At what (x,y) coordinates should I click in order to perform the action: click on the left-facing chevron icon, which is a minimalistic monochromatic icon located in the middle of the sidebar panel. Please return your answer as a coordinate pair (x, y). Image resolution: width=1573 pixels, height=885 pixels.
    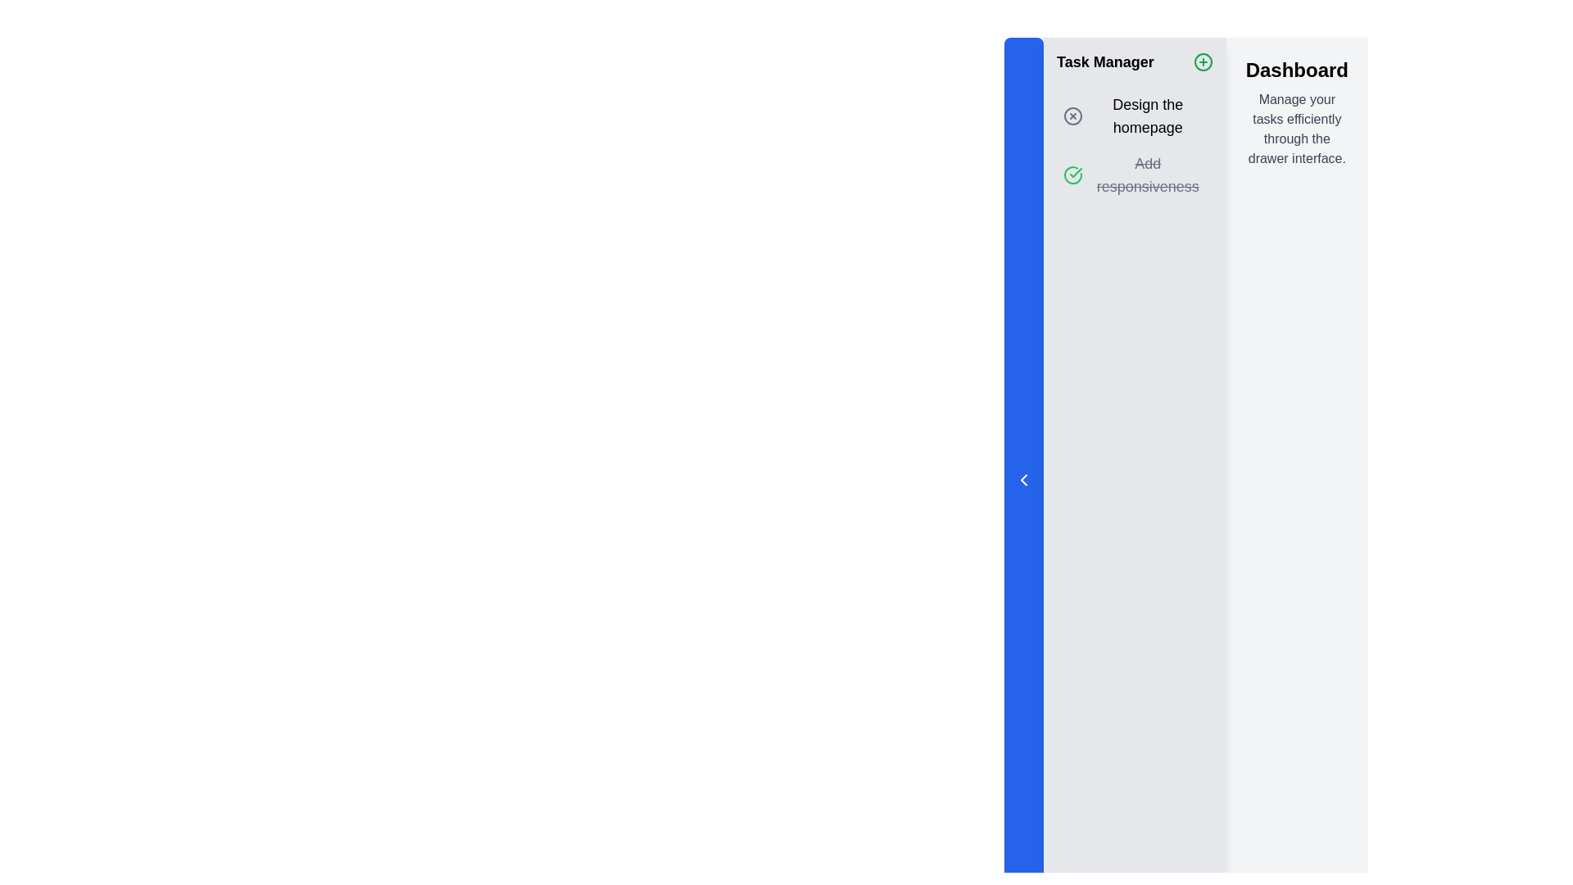
    Looking at the image, I should click on (1022, 479).